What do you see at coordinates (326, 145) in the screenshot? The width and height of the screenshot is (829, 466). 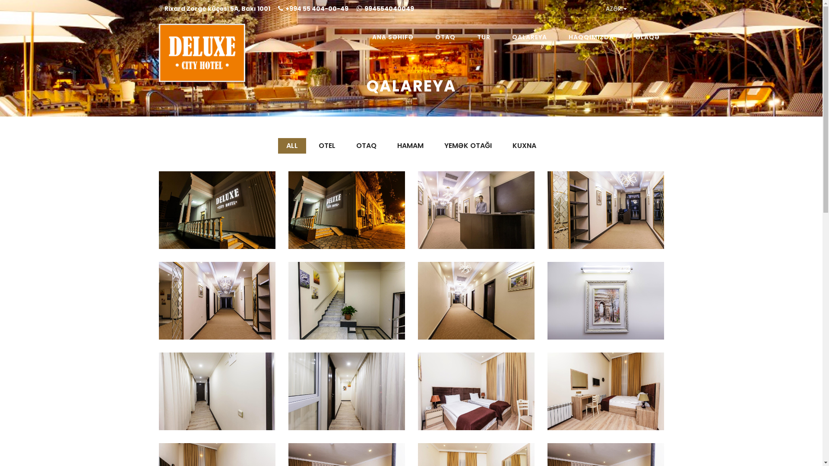 I see `'OTEL'` at bounding box center [326, 145].